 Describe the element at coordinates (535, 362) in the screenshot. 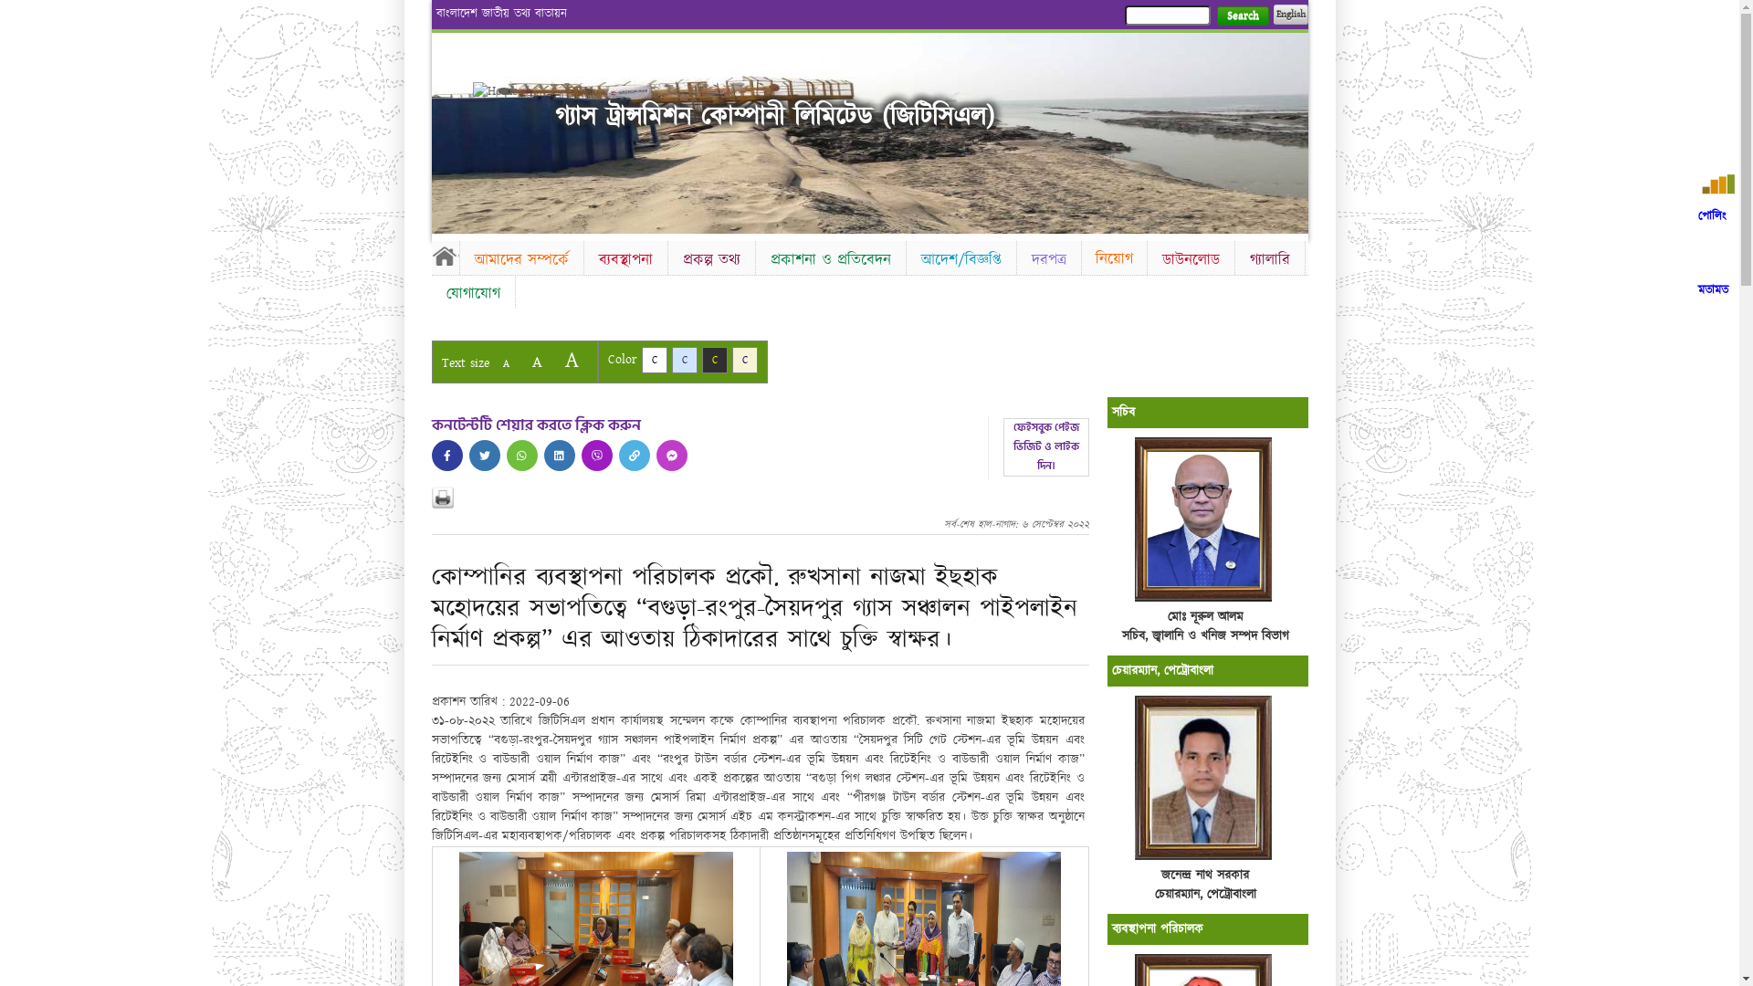

I see `'A'` at that location.